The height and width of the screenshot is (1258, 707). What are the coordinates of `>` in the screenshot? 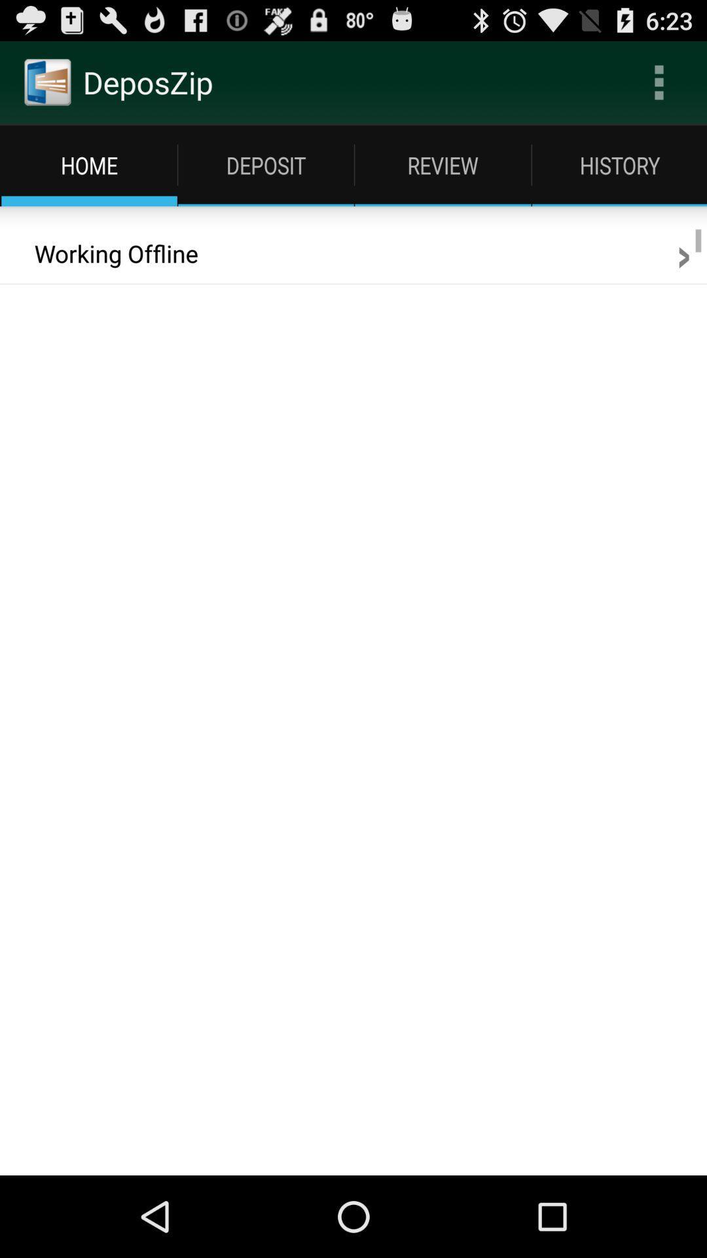 It's located at (683, 254).